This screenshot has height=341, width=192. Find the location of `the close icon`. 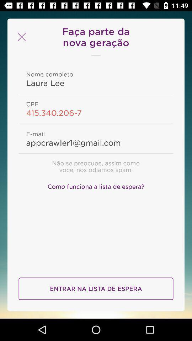

the close icon is located at coordinates (21, 37).